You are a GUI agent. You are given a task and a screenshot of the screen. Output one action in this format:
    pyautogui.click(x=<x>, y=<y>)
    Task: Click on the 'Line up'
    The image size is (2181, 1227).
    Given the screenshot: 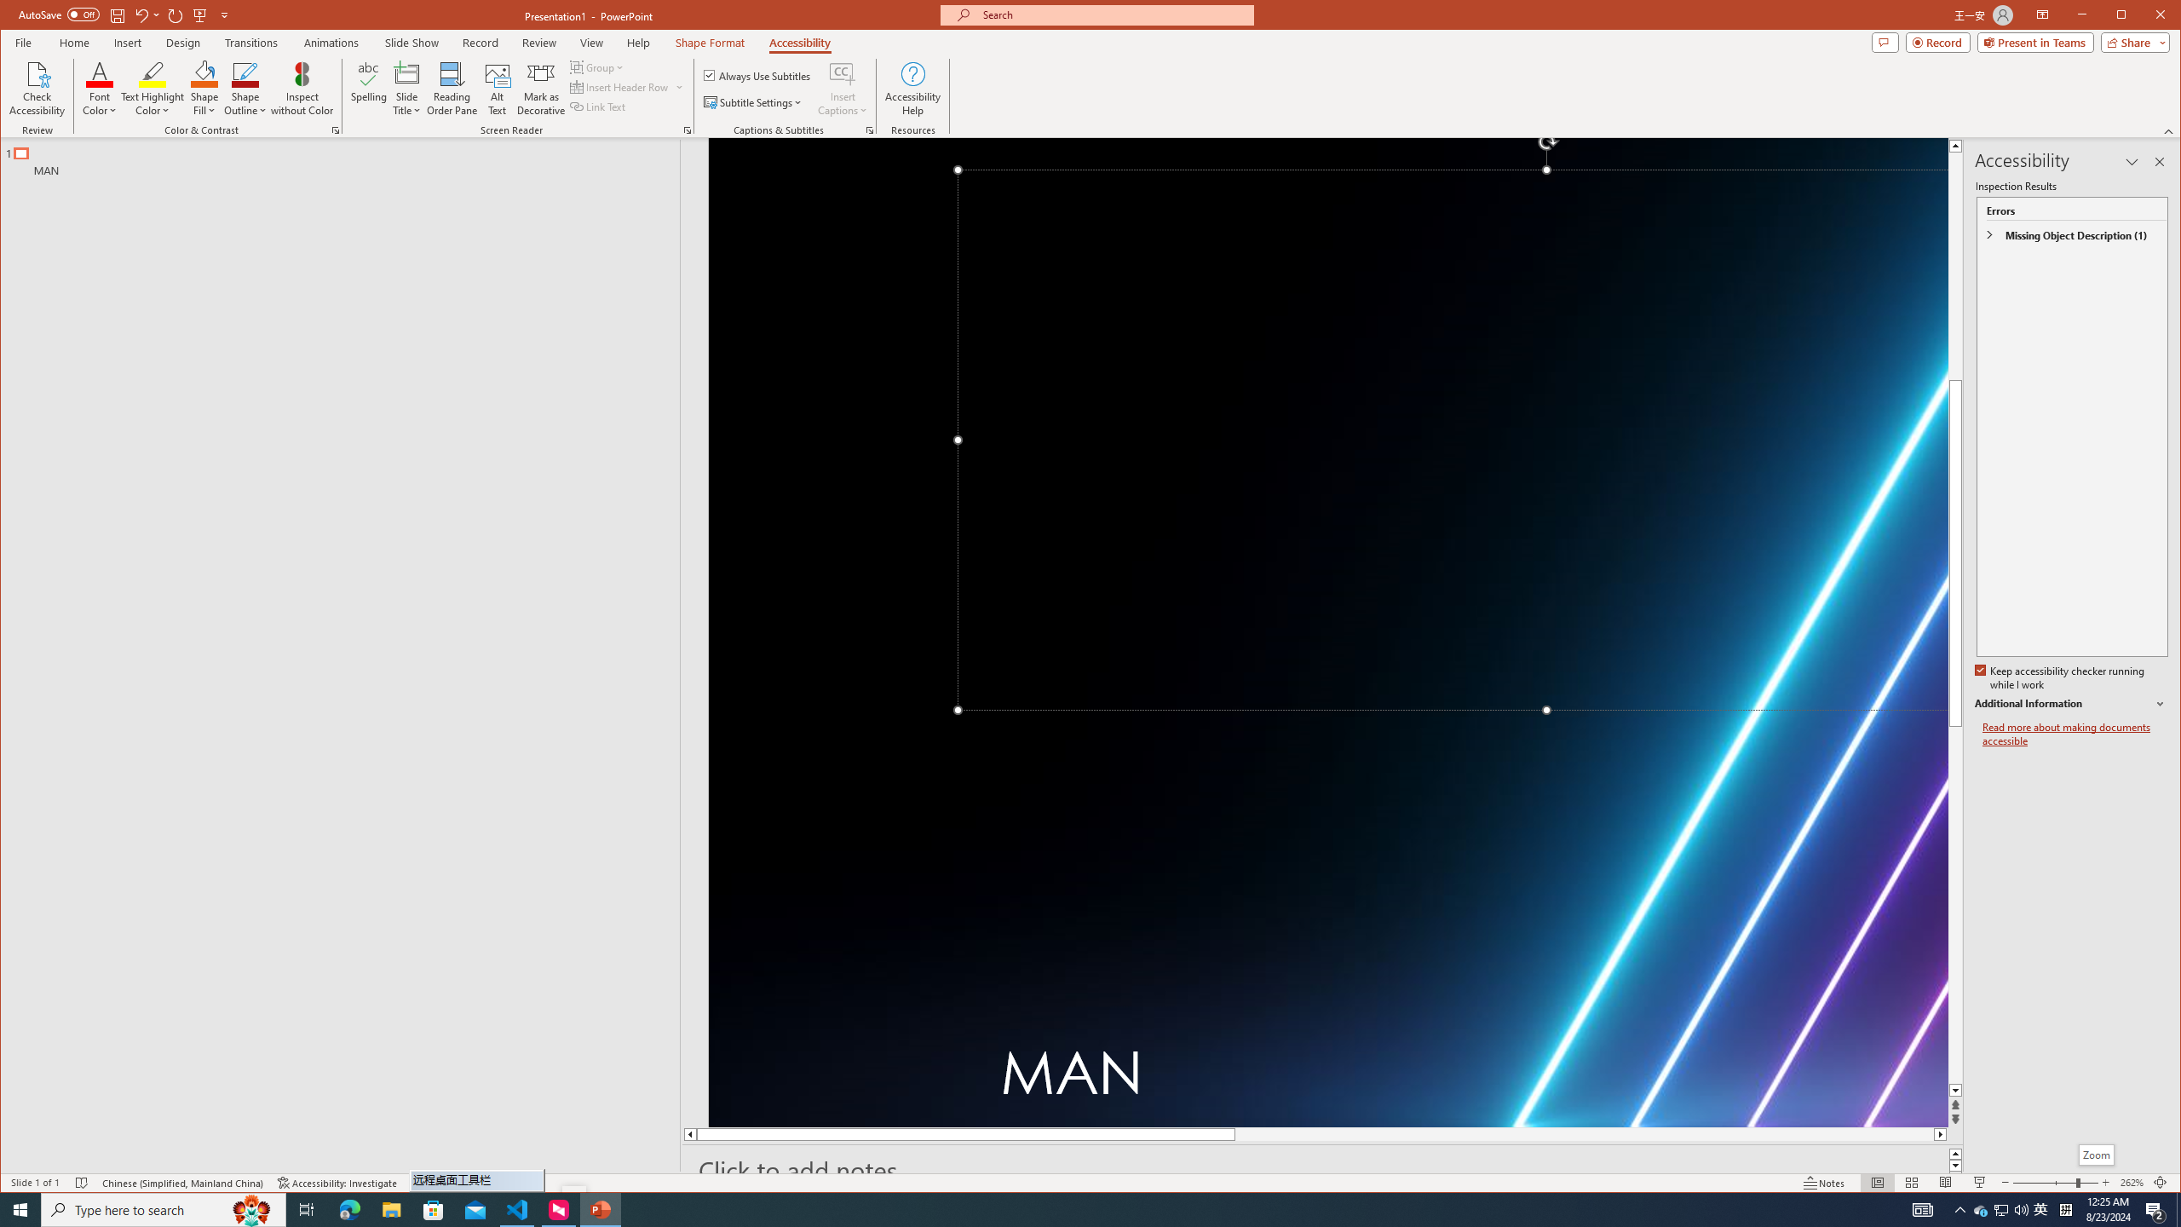 What is the action you would take?
    pyautogui.click(x=1955, y=143)
    